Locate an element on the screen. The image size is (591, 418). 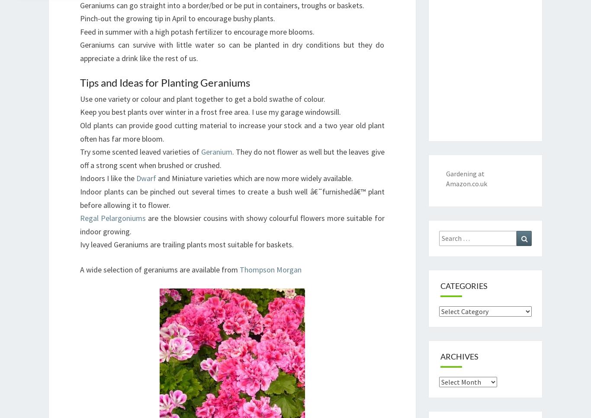
'Pinch-out the growing tip in April to encourage bushy plants.' is located at coordinates (177, 18).